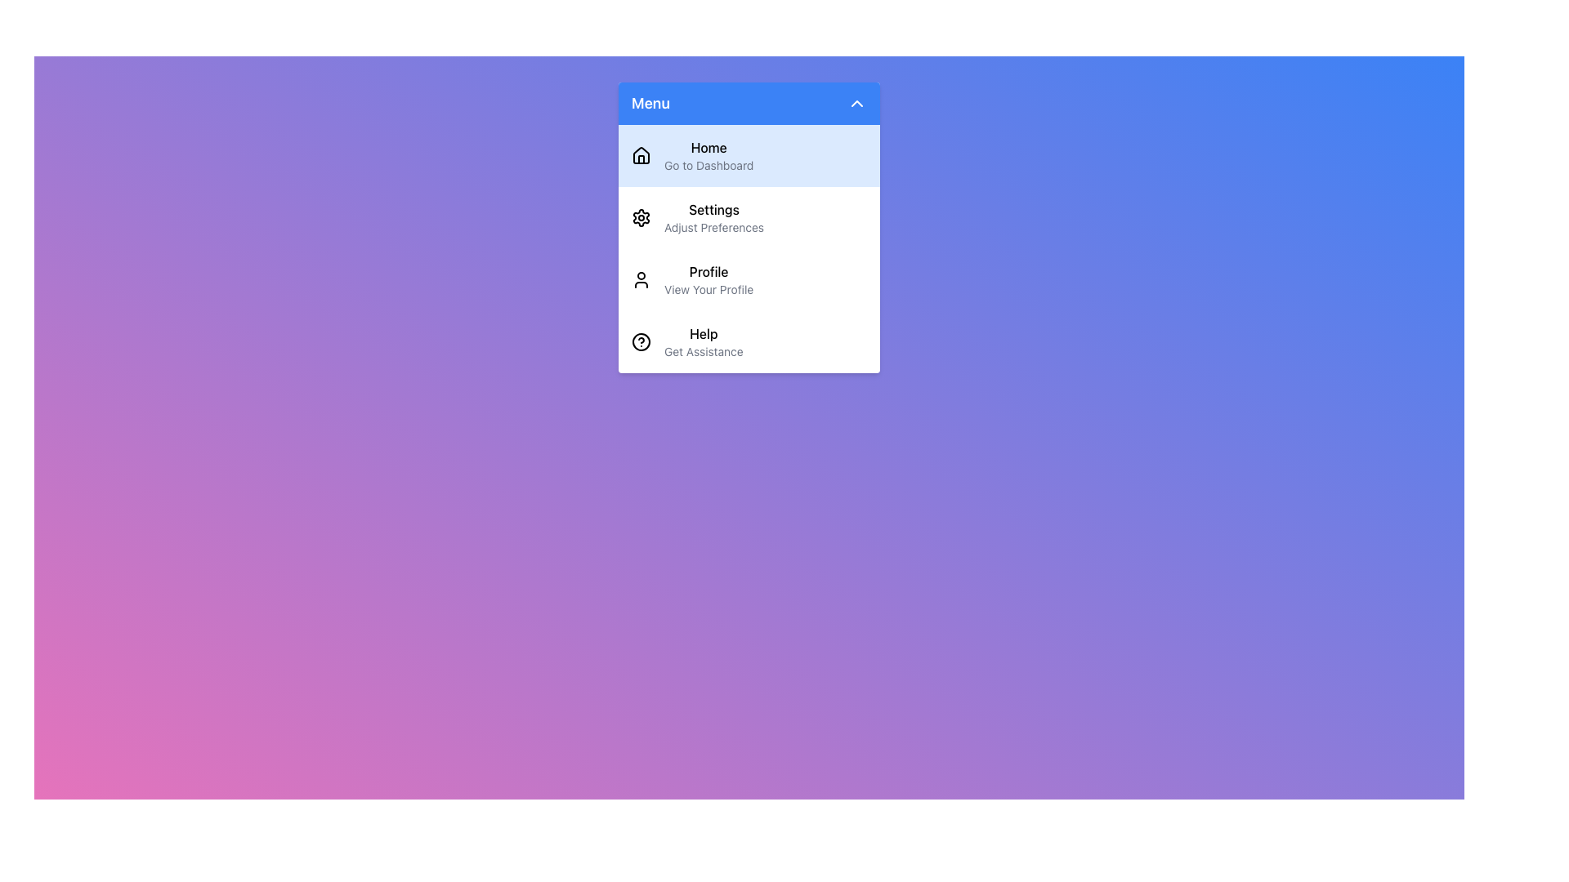  I want to click on the 'Help' menu item, which is visually indicated by the SVG circle within the icon located to the left of the text label 'Help', so click(641, 341).